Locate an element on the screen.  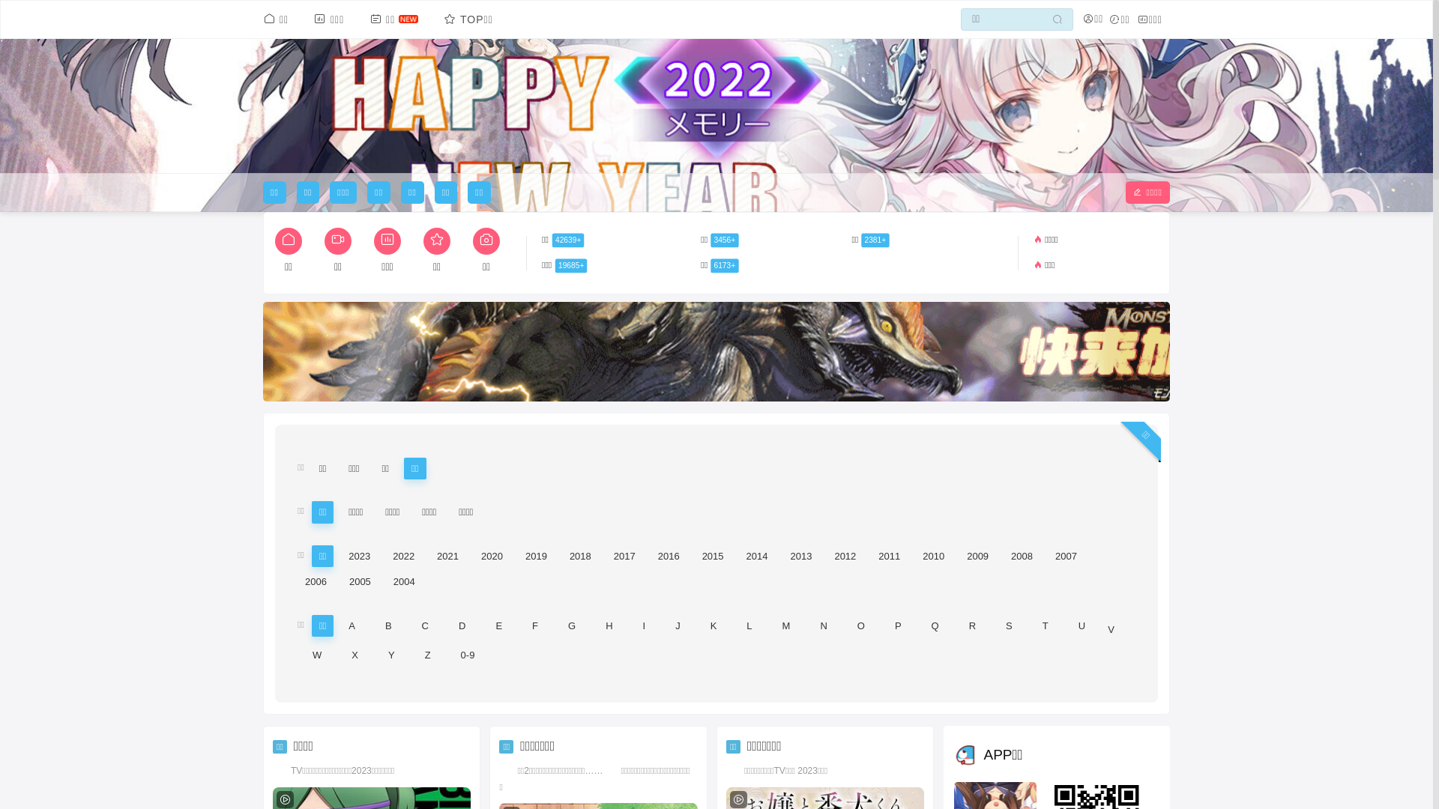
'2011' is located at coordinates (889, 556).